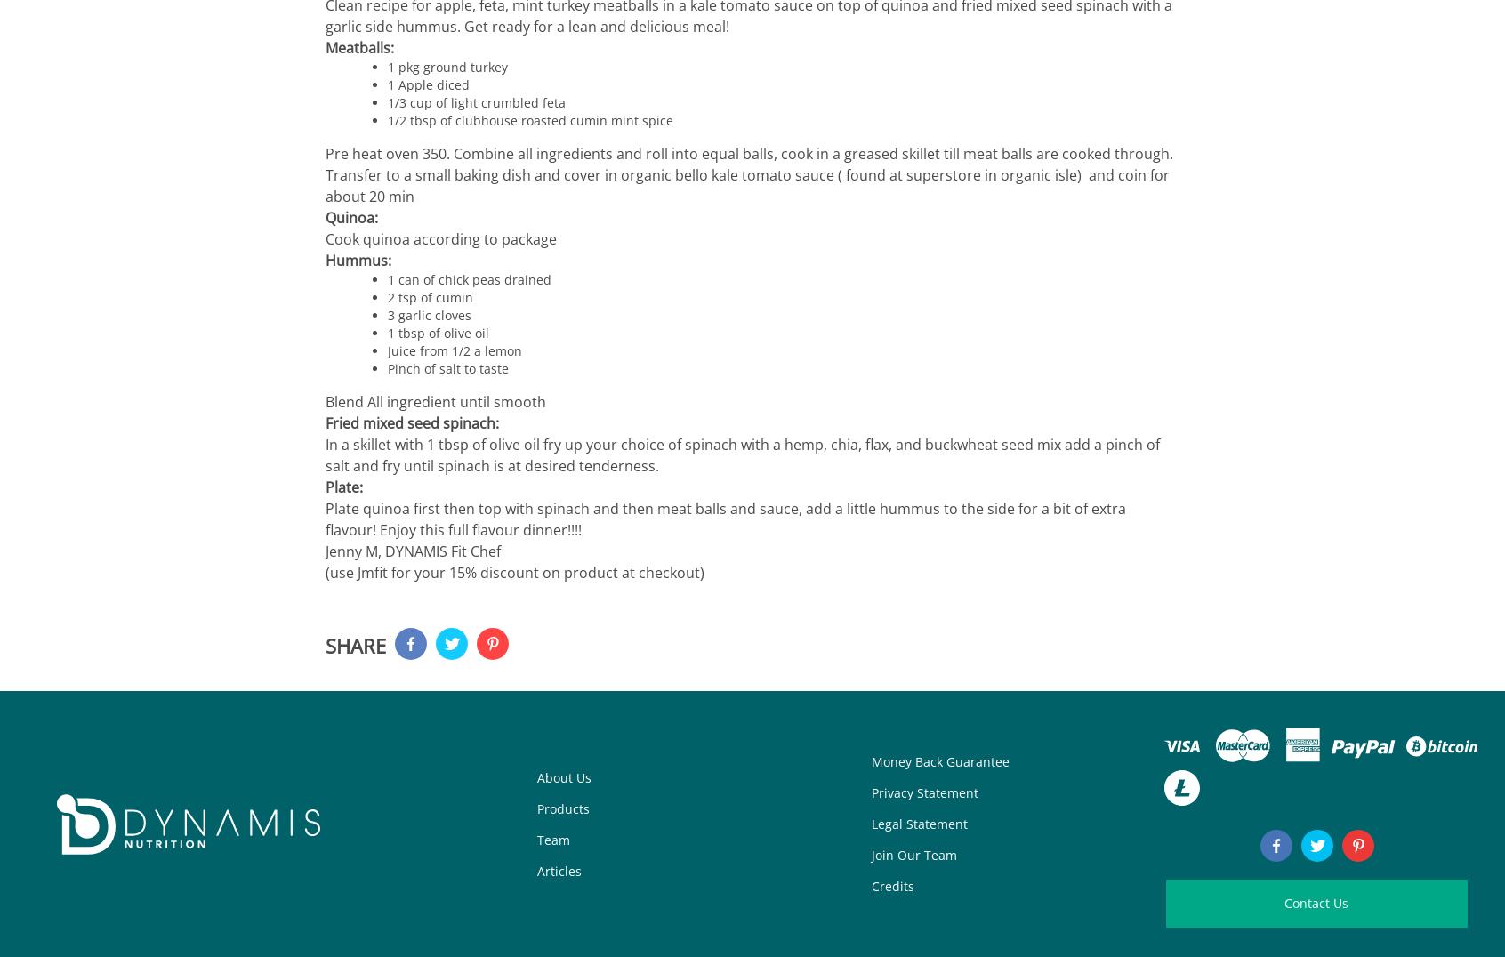  What do you see at coordinates (412, 551) in the screenshot?
I see `'Jenny M, DYNAMIS Fit Chef'` at bounding box center [412, 551].